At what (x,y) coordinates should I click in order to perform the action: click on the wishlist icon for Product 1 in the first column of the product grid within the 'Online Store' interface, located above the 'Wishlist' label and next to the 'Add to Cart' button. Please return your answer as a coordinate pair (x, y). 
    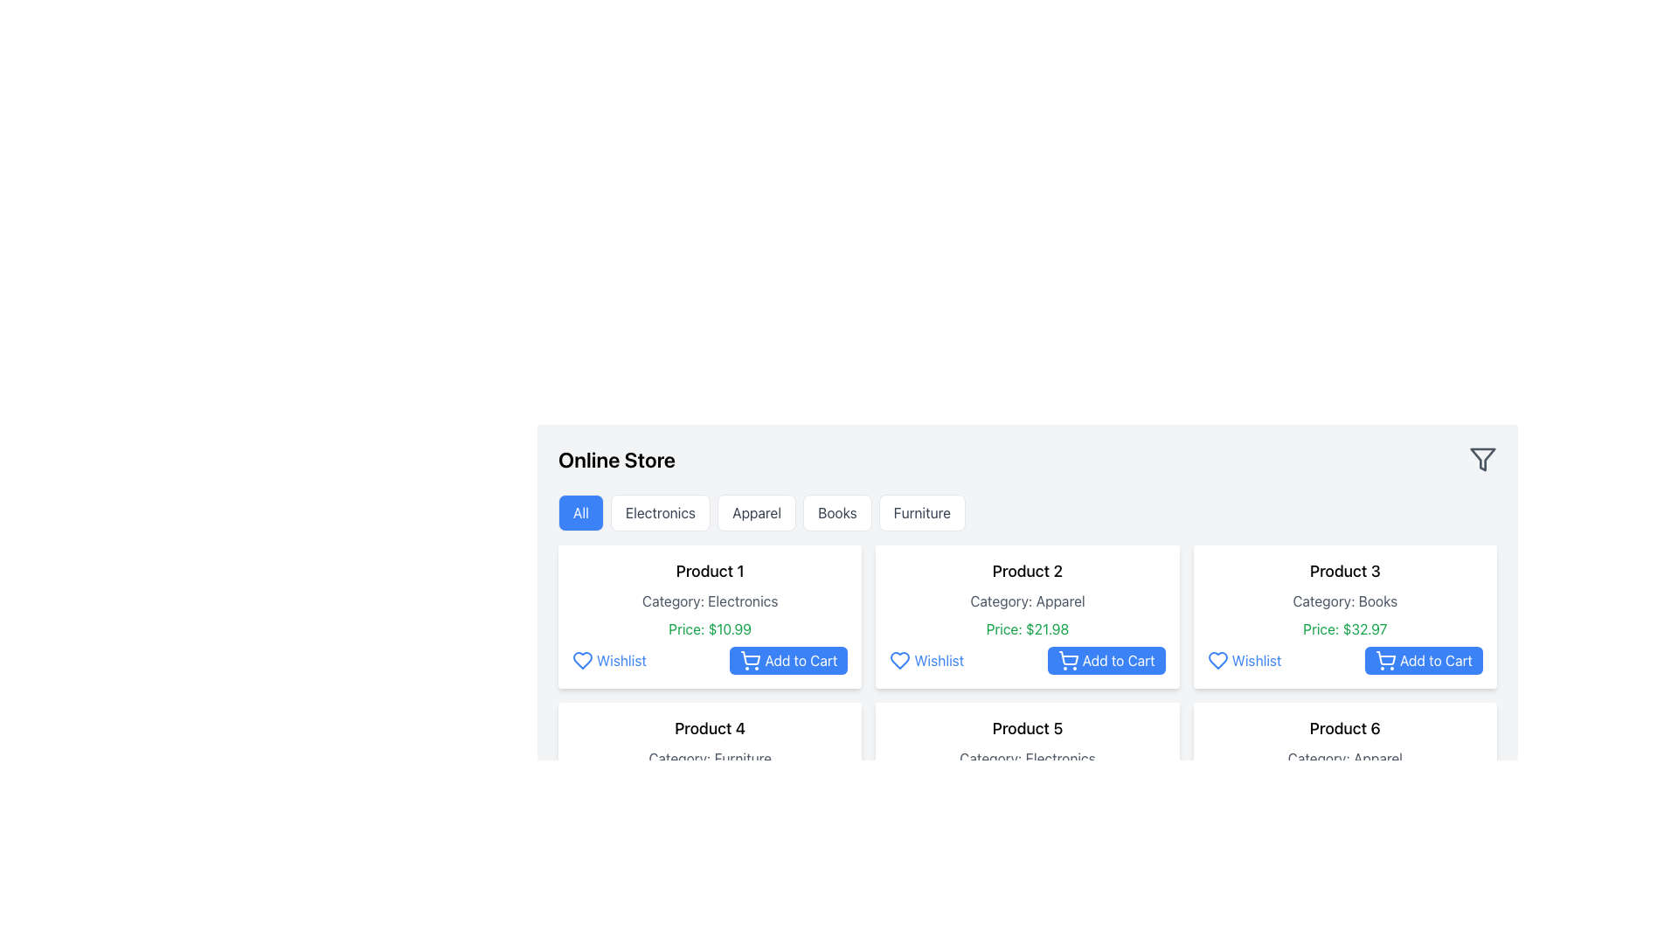
    Looking at the image, I should click on (583, 661).